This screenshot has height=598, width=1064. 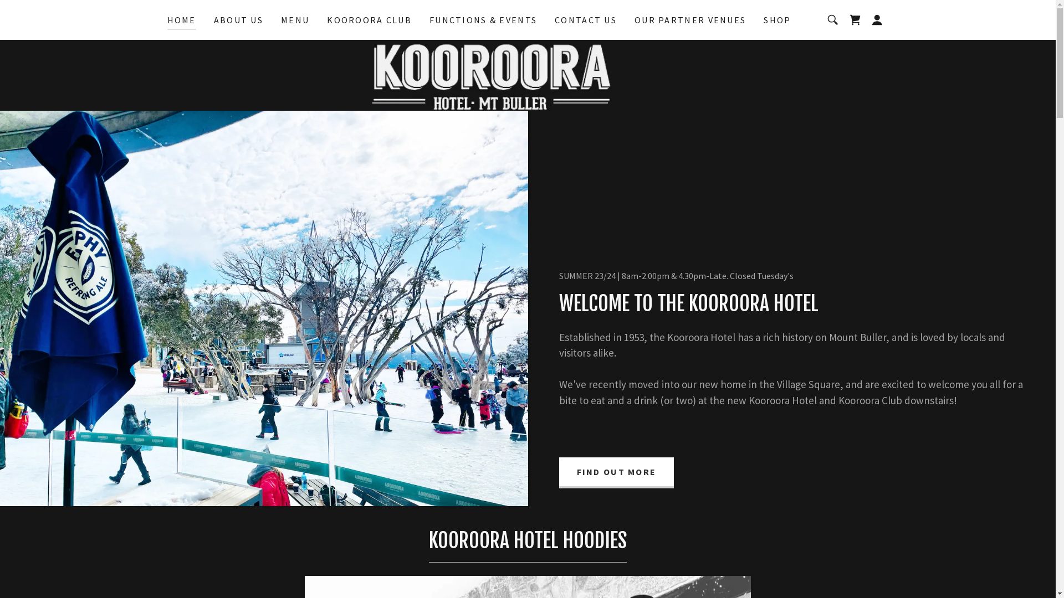 I want to click on 'SHOP', so click(x=776, y=19).